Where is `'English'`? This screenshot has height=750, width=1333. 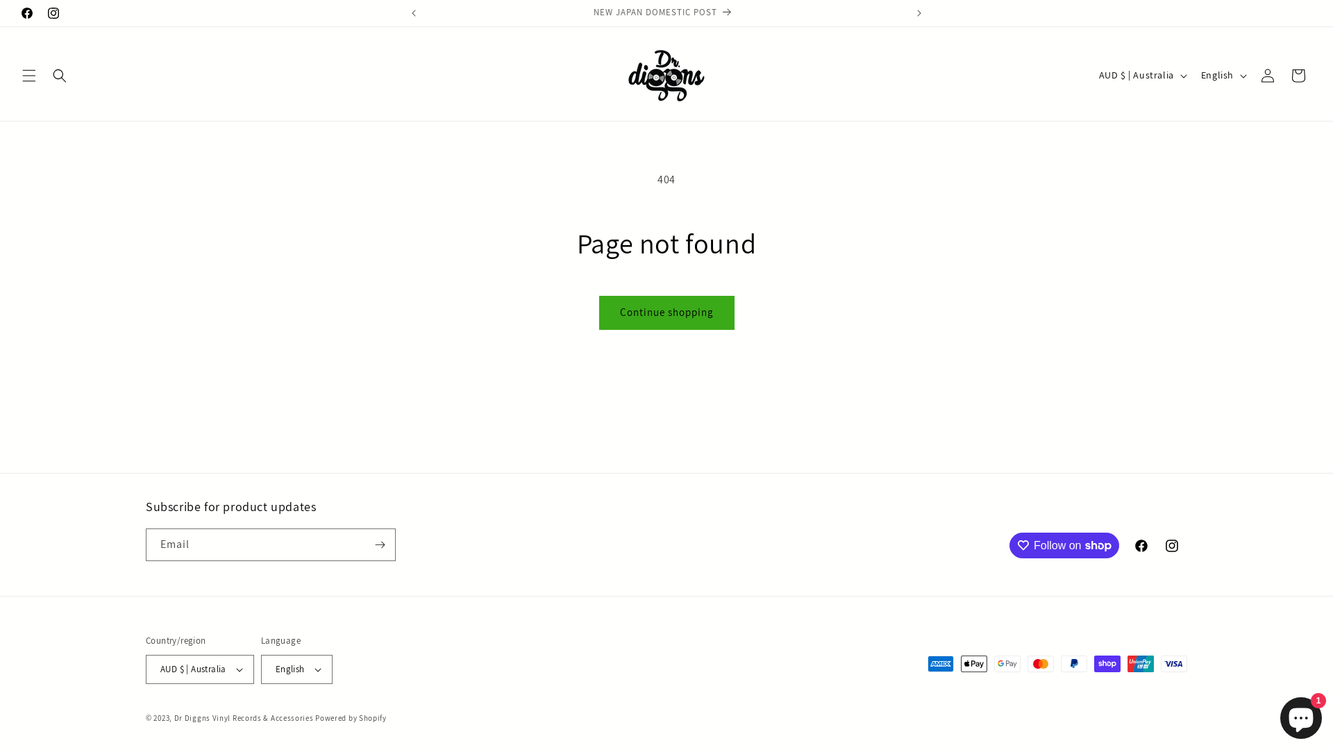
'English' is located at coordinates (1223, 75).